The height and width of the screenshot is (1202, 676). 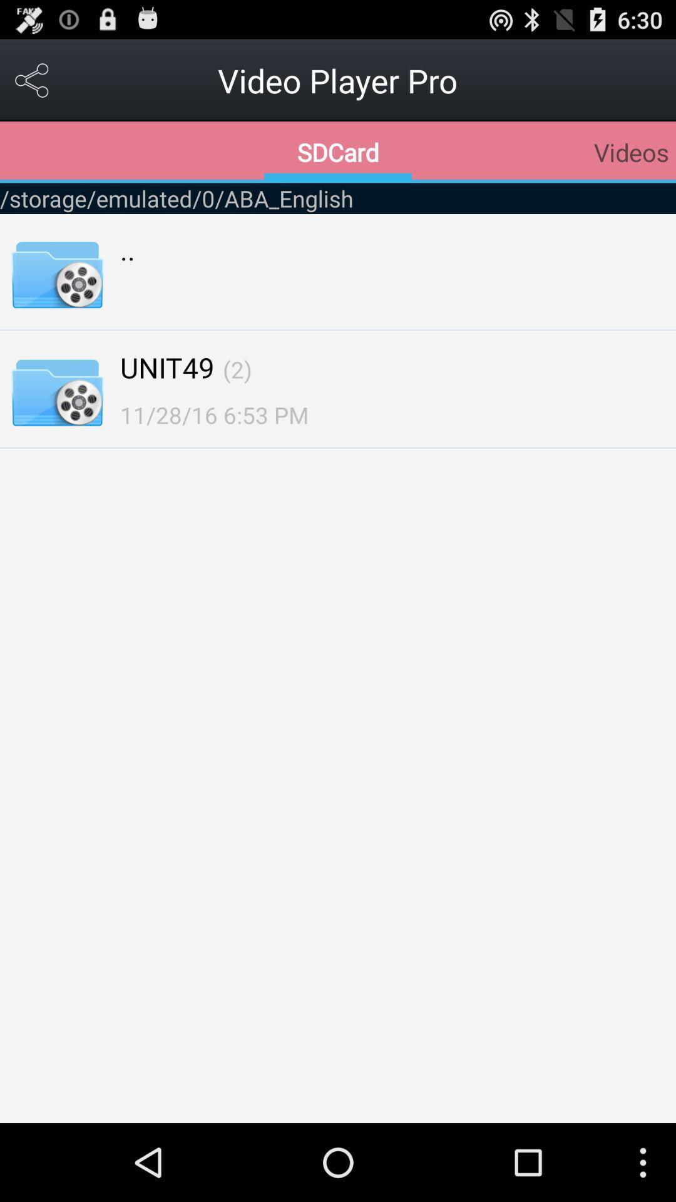 I want to click on 11 28 16, so click(x=213, y=414).